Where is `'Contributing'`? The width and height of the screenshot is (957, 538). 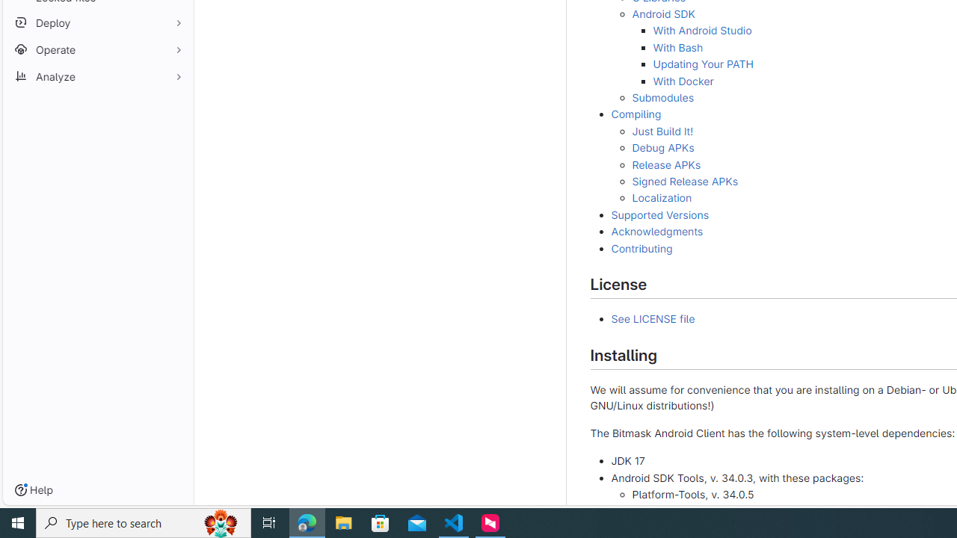 'Contributing' is located at coordinates (641, 247).